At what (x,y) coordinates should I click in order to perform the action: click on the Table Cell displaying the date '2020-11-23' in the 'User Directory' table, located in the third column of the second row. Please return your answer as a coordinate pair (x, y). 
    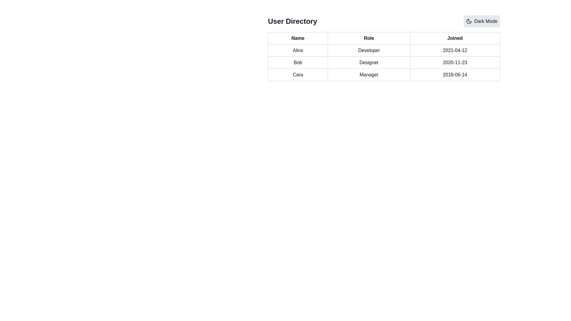
    Looking at the image, I should click on (455, 63).